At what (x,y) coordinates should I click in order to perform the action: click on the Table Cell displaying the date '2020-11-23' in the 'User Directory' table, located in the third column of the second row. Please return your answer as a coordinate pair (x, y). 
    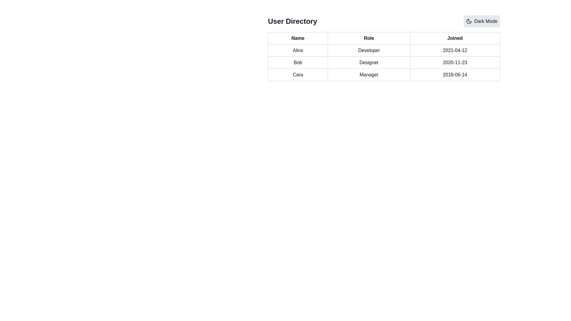
    Looking at the image, I should click on (455, 63).